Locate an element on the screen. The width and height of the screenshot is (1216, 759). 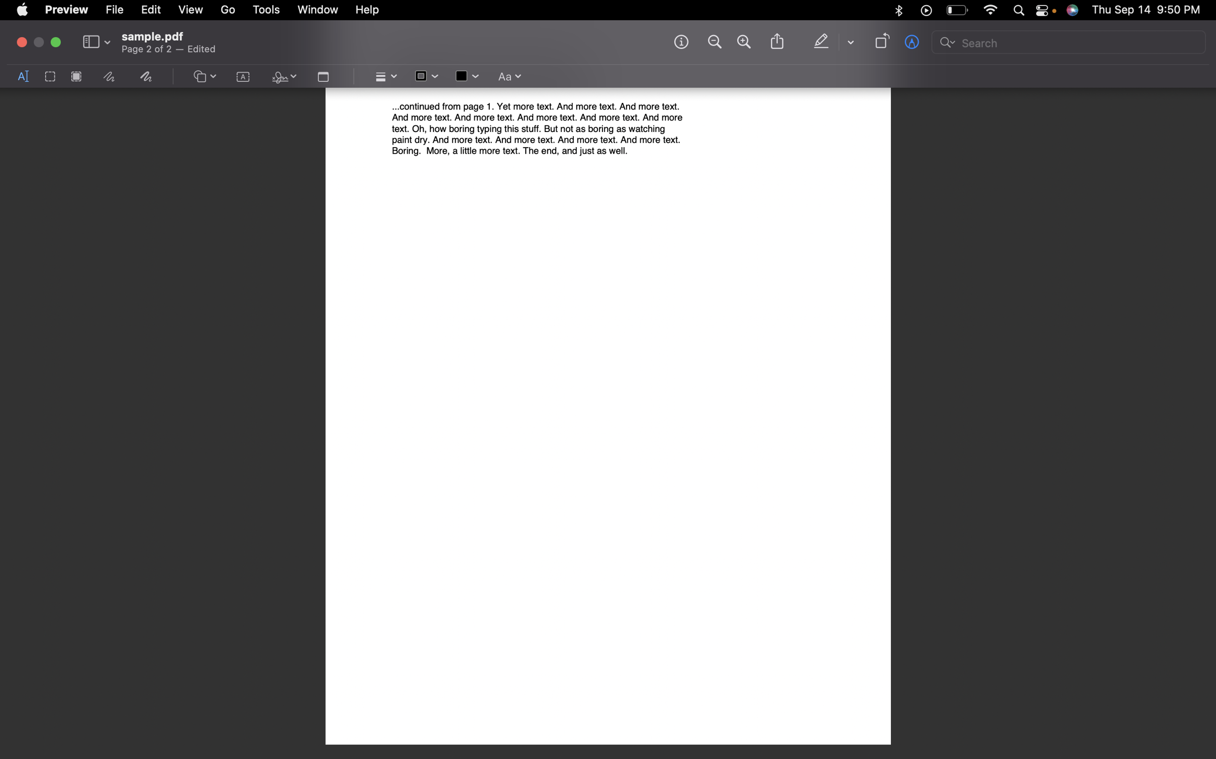
Opt for the feature to sketch geometrical figures on the monitor is located at coordinates (204, 77).